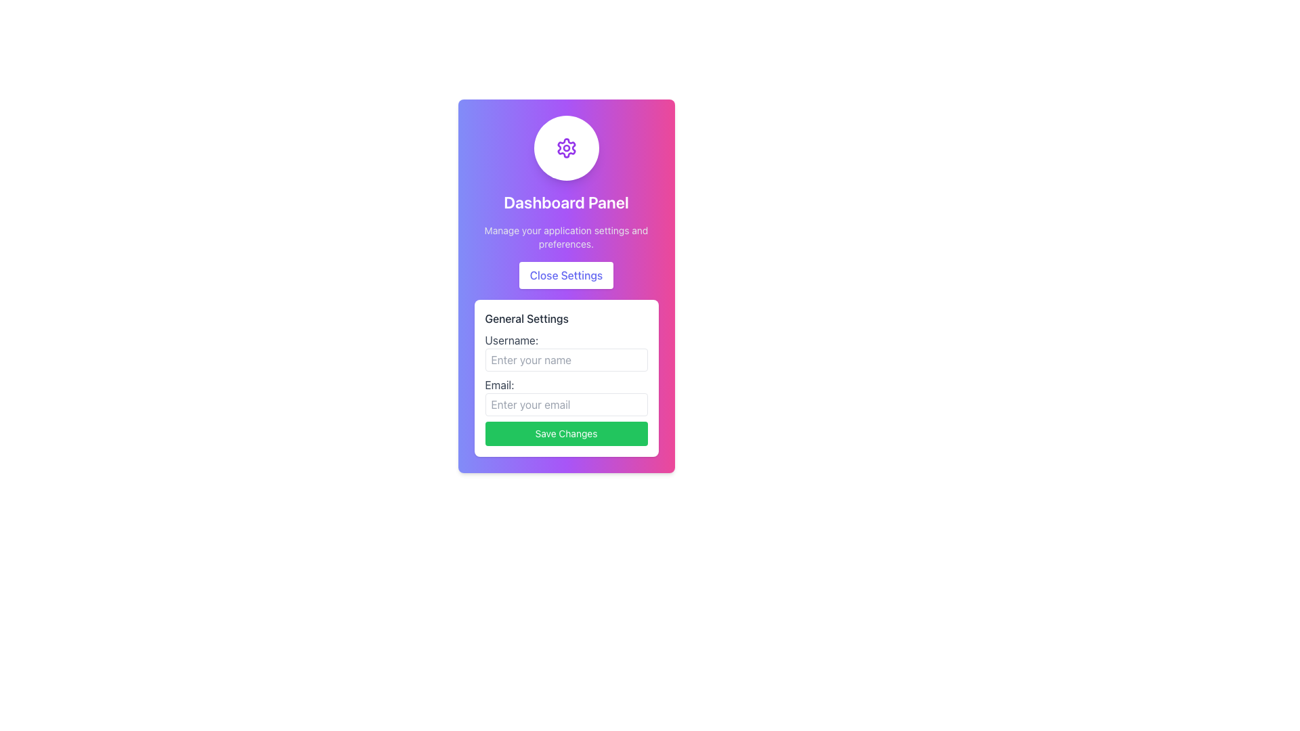  Describe the element at coordinates (566, 396) in the screenshot. I see `the text label displaying 'Email:' in the 'General Settings' section, which is positioned below the 'Username:' label` at that location.